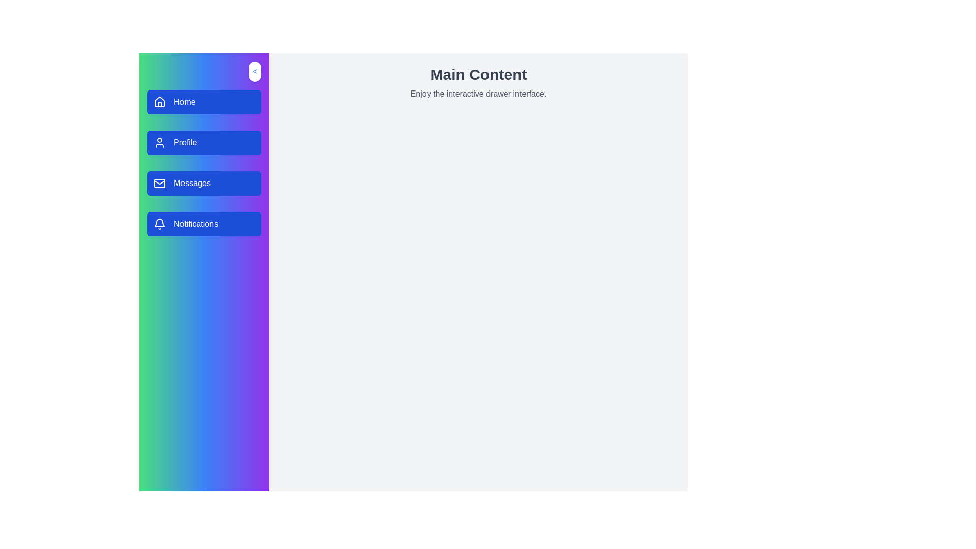  Describe the element at coordinates (192, 184) in the screenshot. I see `the 'Messages' label located in the third button of the vertical navigation menu on the left sidebar, which serves as a descriptor for the button's functionality` at that location.